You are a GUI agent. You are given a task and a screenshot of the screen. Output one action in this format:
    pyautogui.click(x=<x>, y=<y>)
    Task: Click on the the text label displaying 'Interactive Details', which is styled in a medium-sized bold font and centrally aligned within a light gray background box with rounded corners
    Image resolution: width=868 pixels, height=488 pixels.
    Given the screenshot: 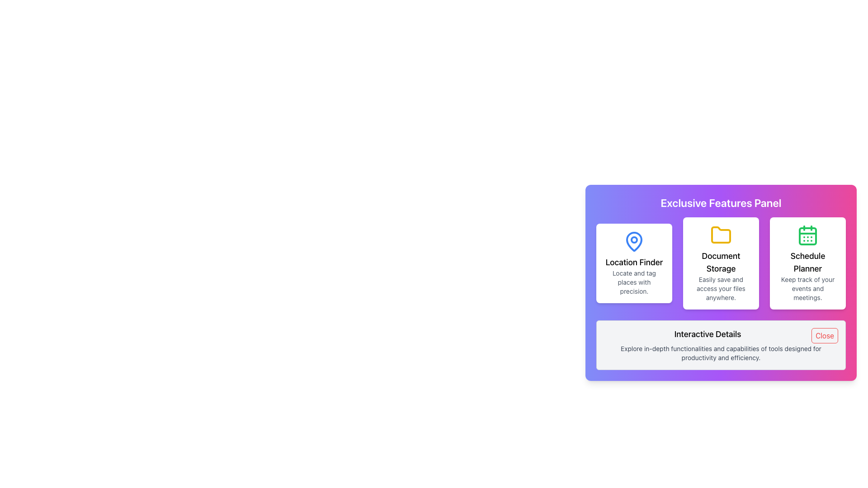 What is the action you would take?
    pyautogui.click(x=720, y=334)
    